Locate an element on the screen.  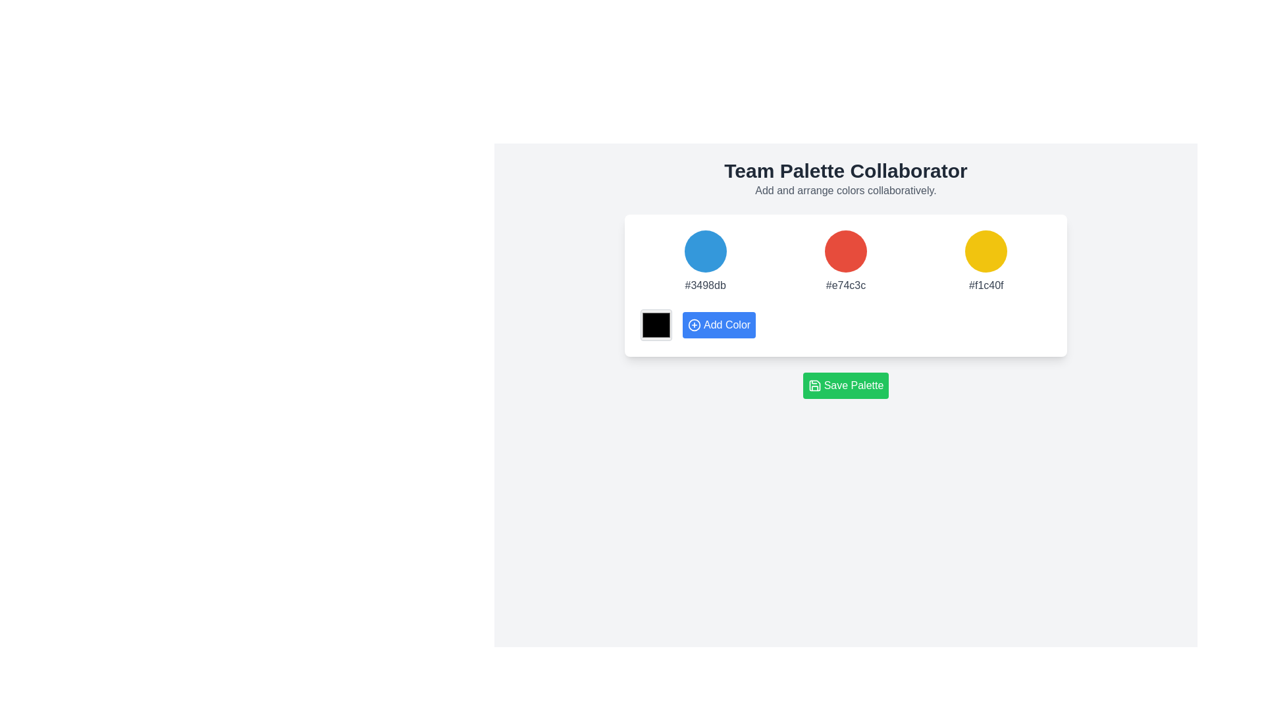
the save icon within the green button located at the bottom center of the card layout, which is positioned to the left of the 'Save Palette' text is located at coordinates (814, 385).